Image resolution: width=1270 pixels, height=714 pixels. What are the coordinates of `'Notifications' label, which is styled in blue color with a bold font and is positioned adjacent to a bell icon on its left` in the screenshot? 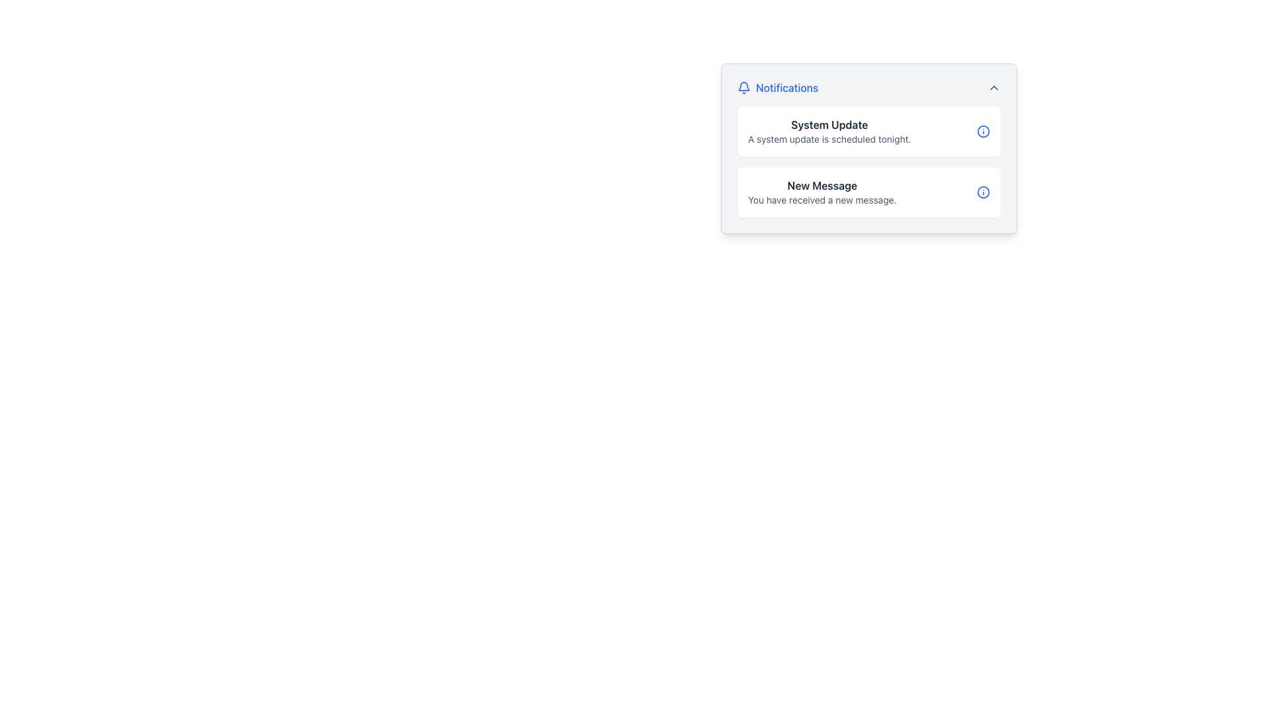 It's located at (778, 87).